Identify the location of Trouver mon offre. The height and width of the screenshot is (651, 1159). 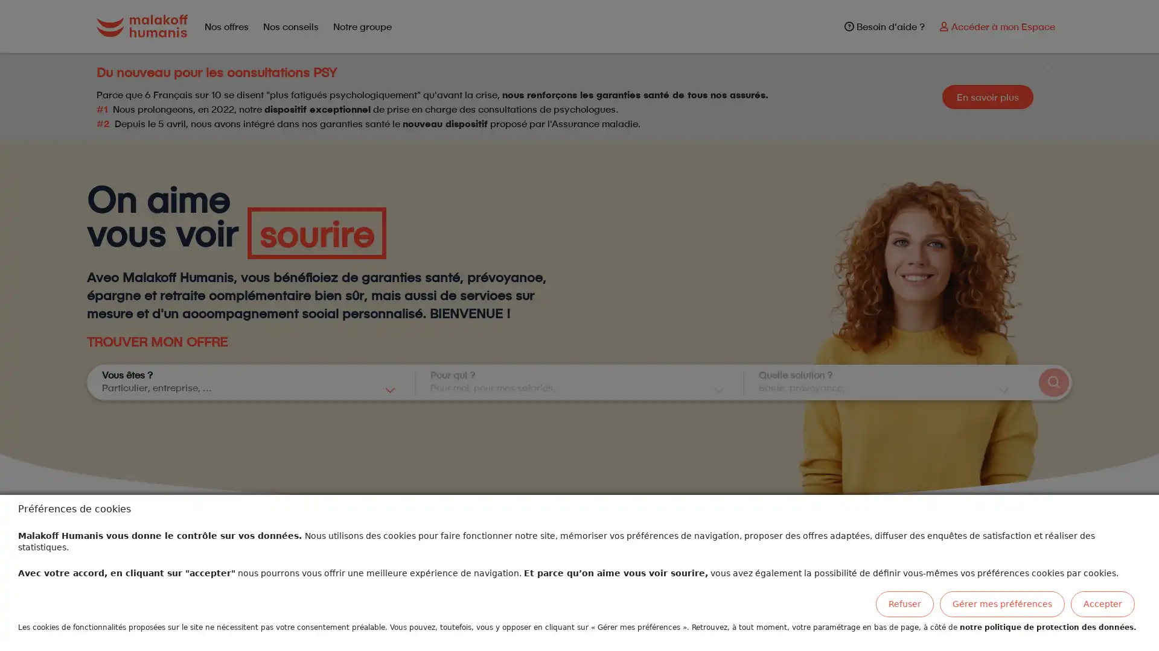
(1053, 382).